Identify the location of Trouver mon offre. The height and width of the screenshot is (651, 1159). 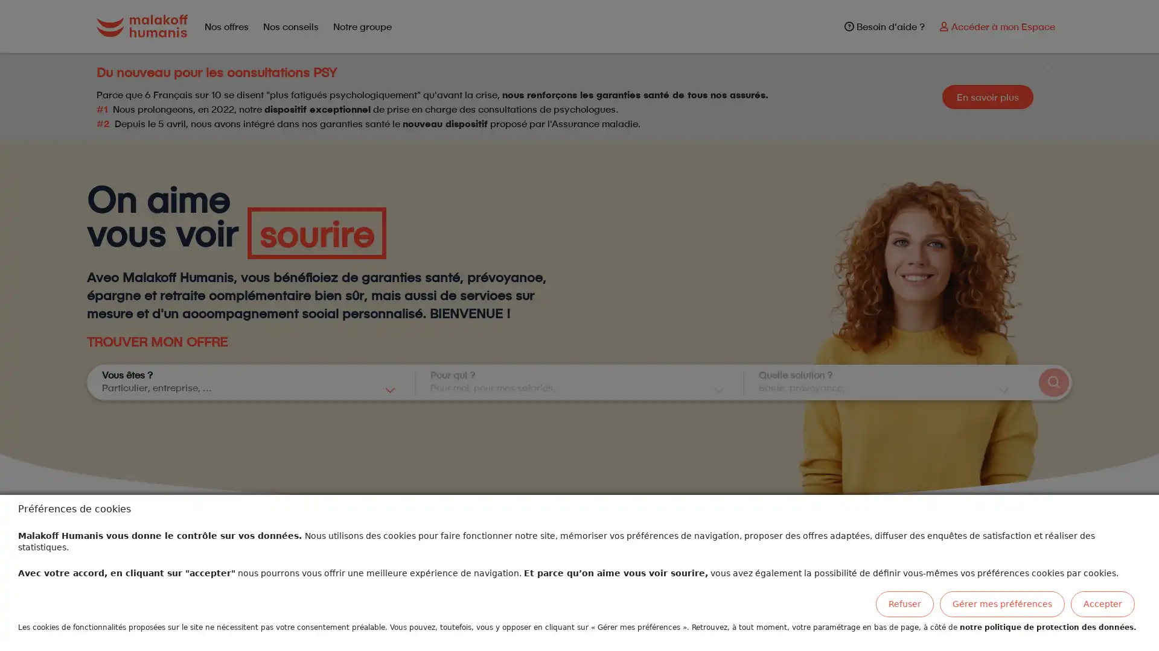
(1053, 382).